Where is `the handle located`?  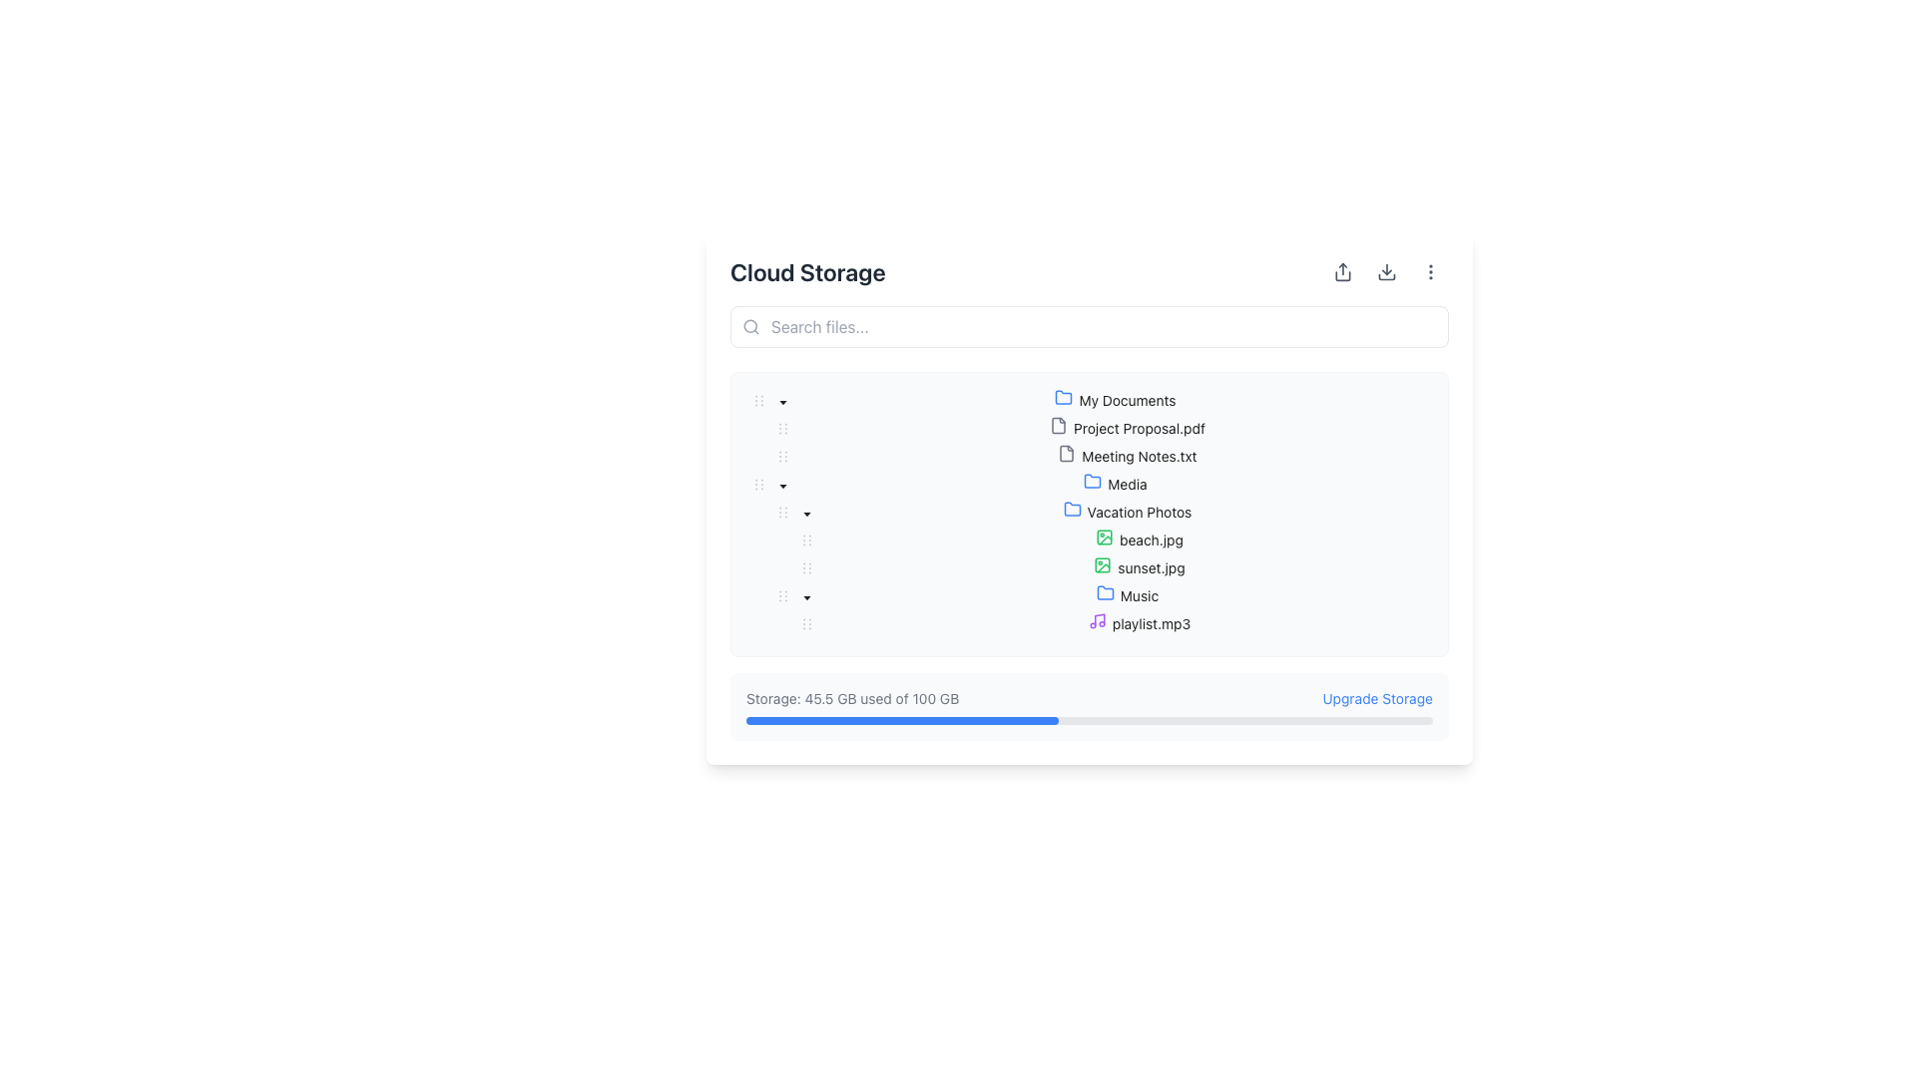 the handle located is located at coordinates (807, 568).